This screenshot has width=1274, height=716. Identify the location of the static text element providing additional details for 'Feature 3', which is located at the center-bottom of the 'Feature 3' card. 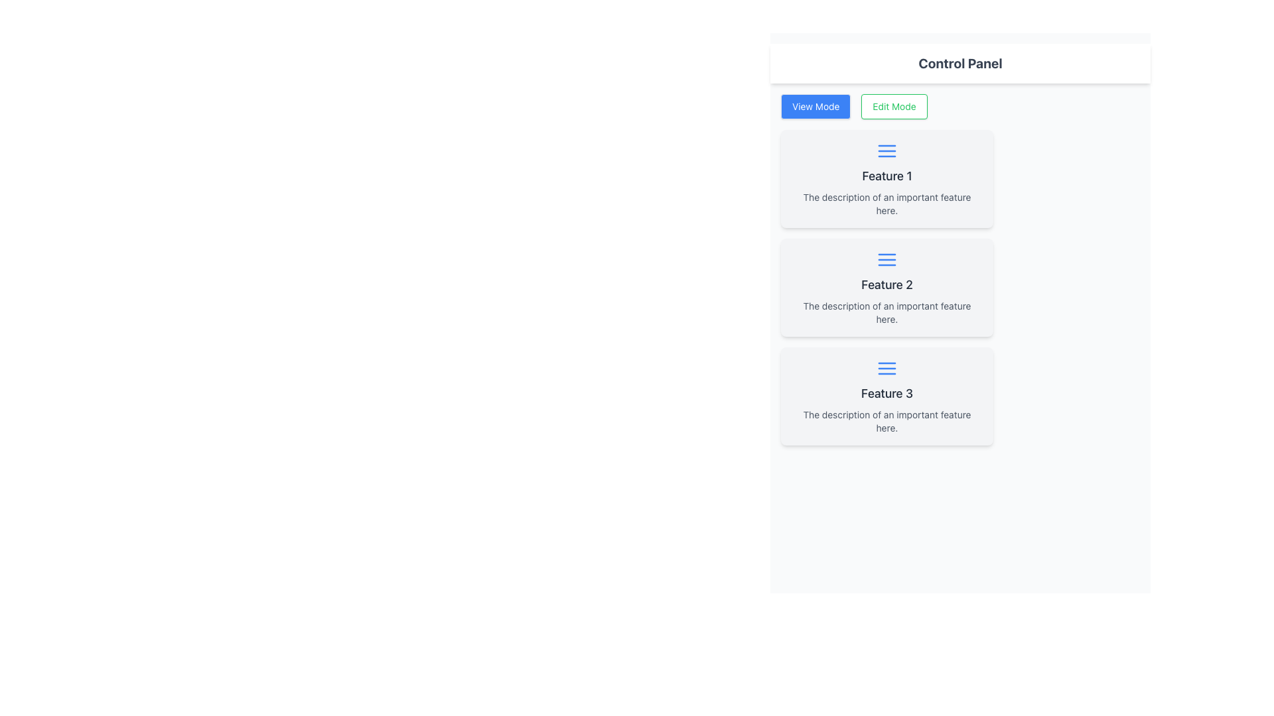
(887, 422).